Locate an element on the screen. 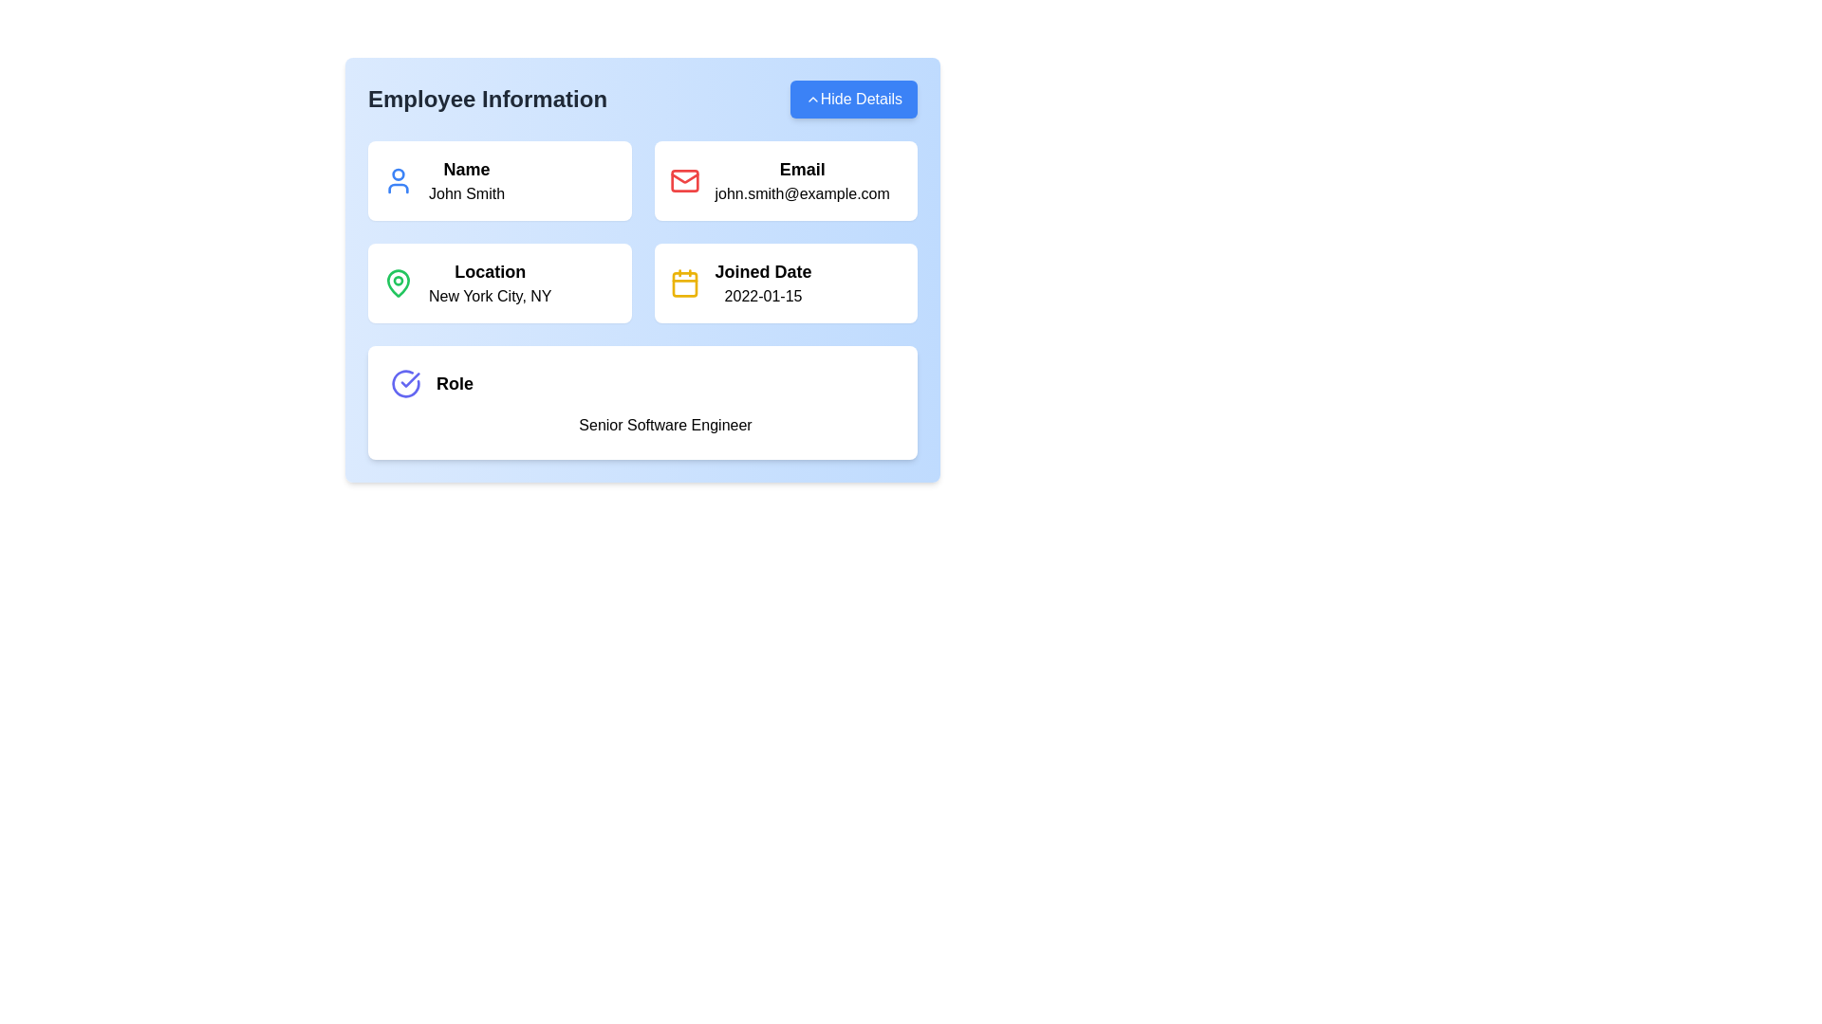  the Text display component that shows 'John Smith' under the bold label 'Name', located in the upper left corner of the 'Employee Information' card is located at coordinates (467, 181).